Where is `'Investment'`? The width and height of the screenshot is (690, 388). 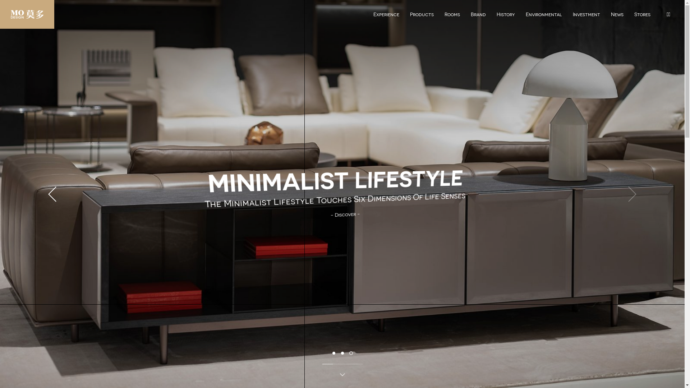 'Investment' is located at coordinates (586, 12).